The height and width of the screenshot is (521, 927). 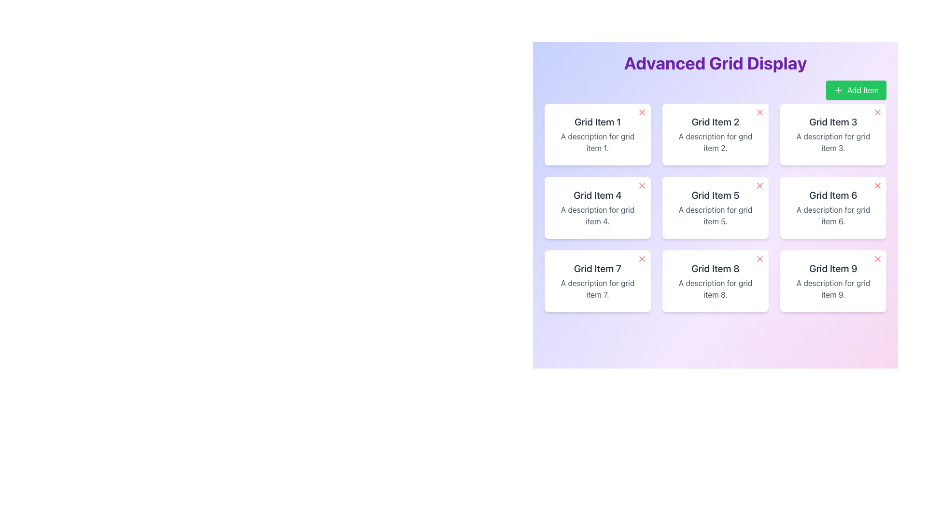 I want to click on the close icon located in the upper right corner of the 'Grid Item 2' card, so click(x=759, y=111).